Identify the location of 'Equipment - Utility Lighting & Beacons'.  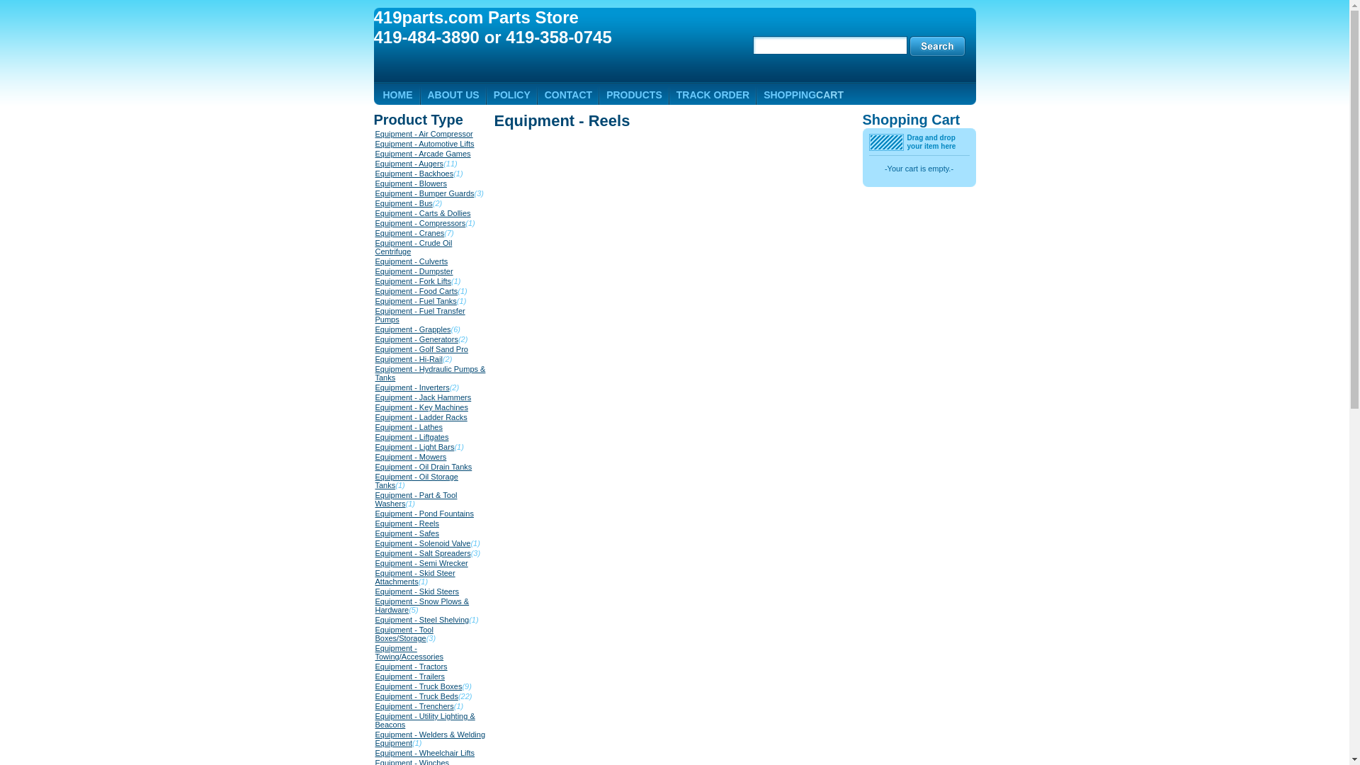
(424, 720).